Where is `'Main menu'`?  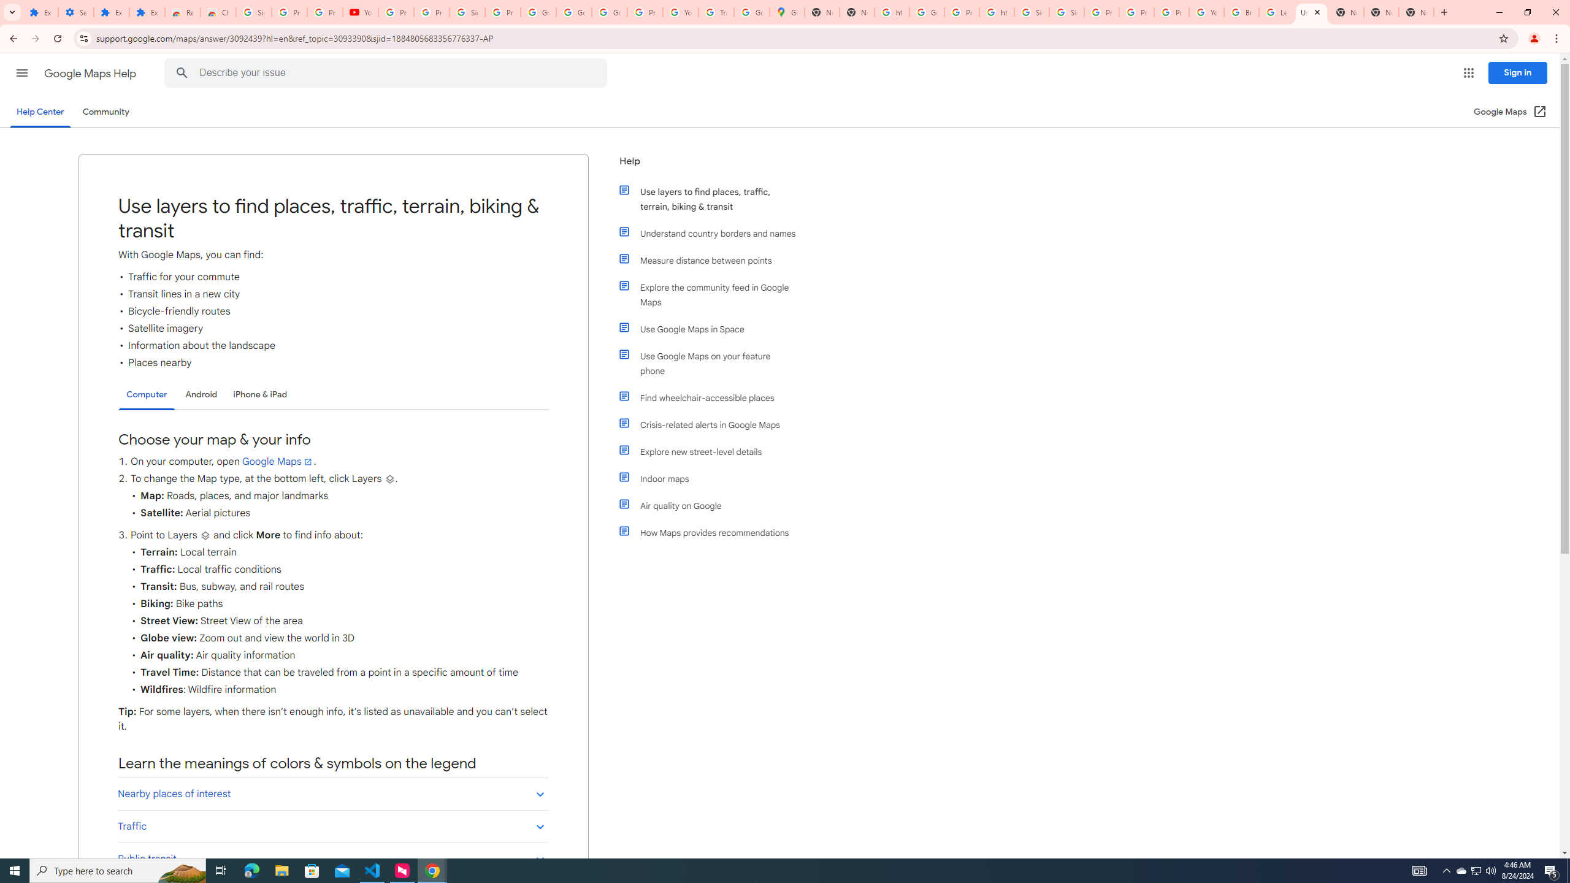
'Main menu' is located at coordinates (21, 72).